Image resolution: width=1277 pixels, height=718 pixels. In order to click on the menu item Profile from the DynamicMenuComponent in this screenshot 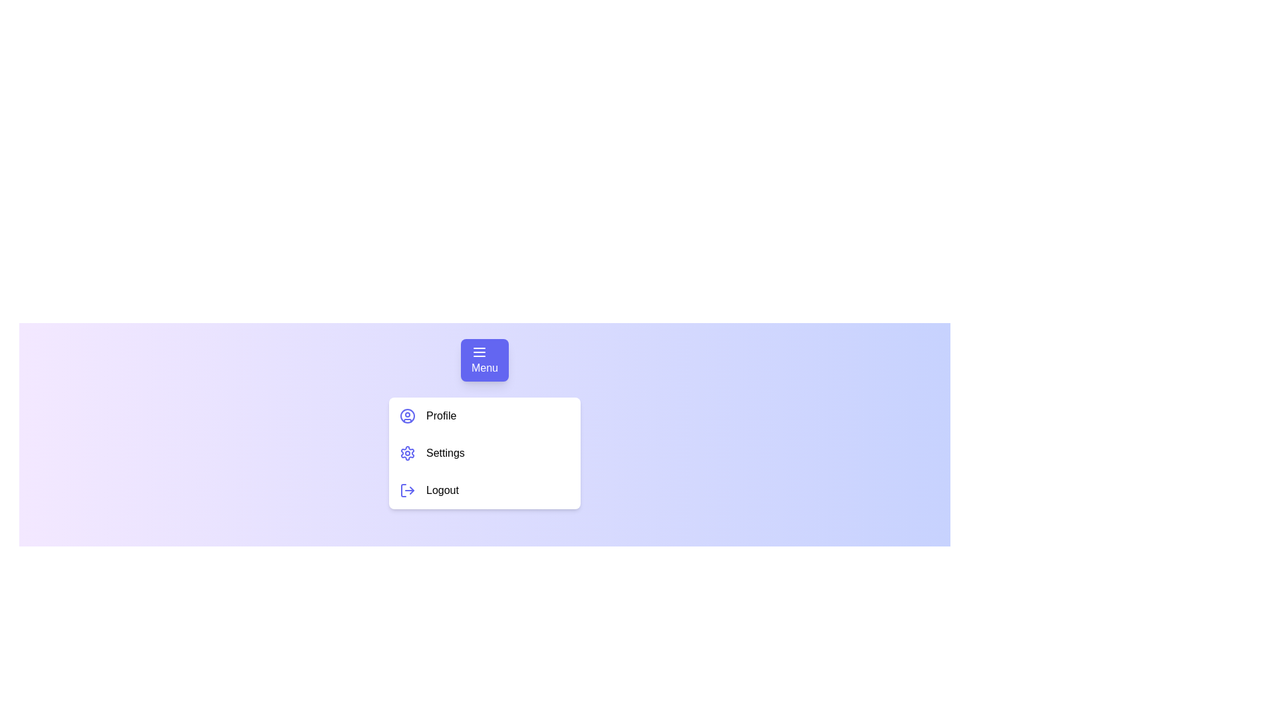, I will do `click(484, 415)`.